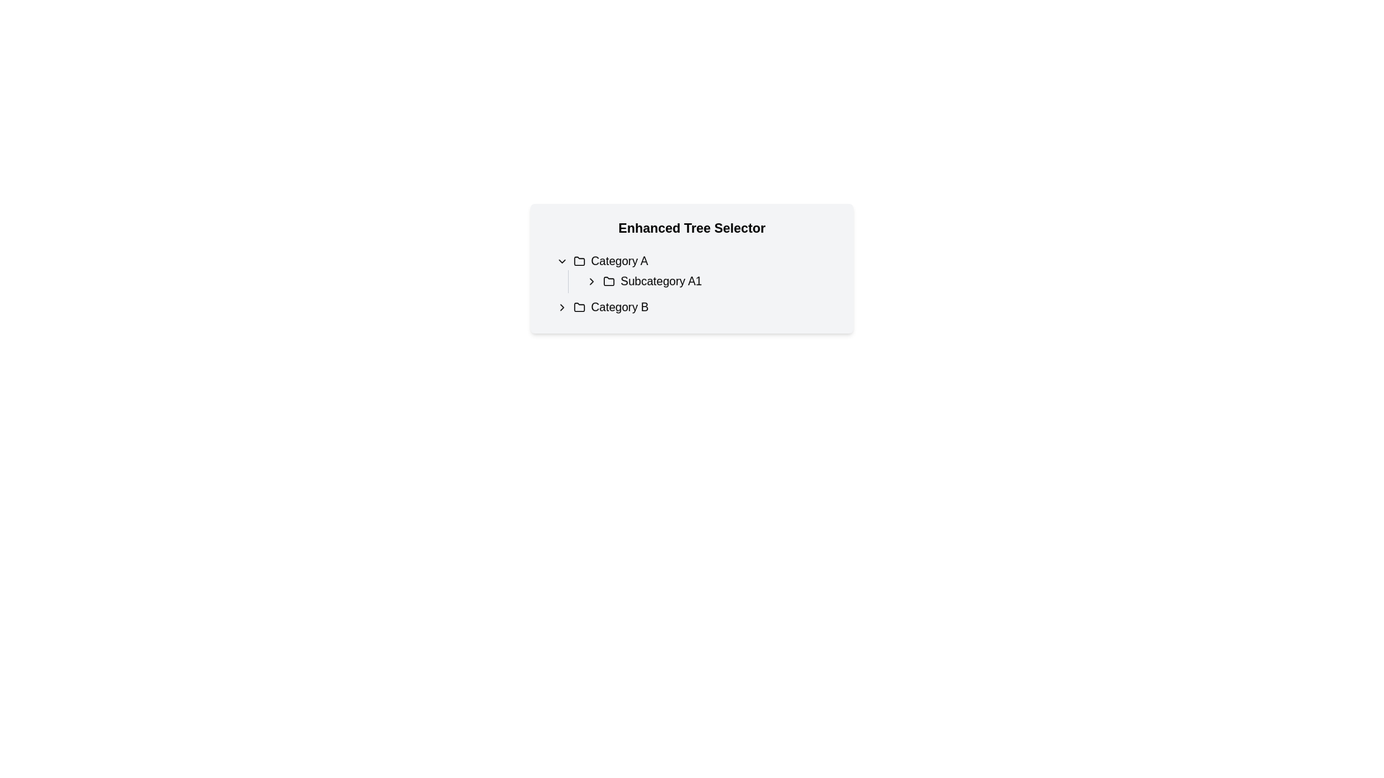 The width and height of the screenshot is (1384, 778). What do you see at coordinates (561, 261) in the screenshot?
I see `the icon button associated with 'Category A'` at bounding box center [561, 261].